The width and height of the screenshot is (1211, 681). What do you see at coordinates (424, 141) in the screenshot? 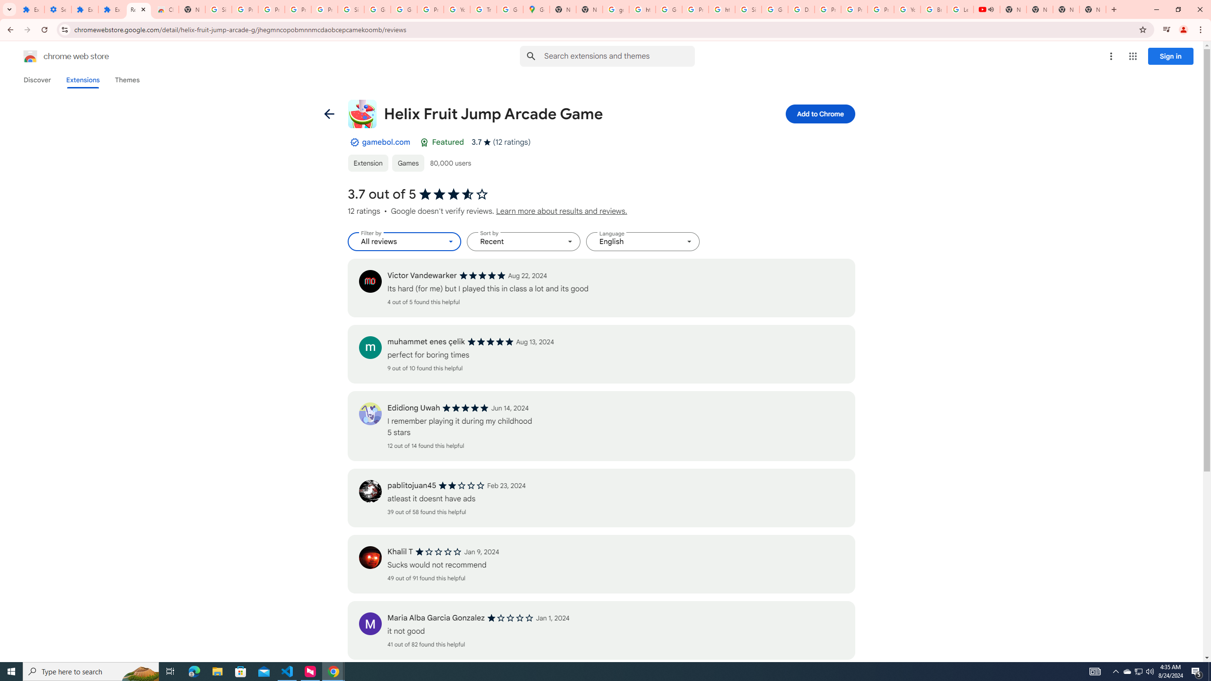
I see `'Featured Badge'` at bounding box center [424, 141].